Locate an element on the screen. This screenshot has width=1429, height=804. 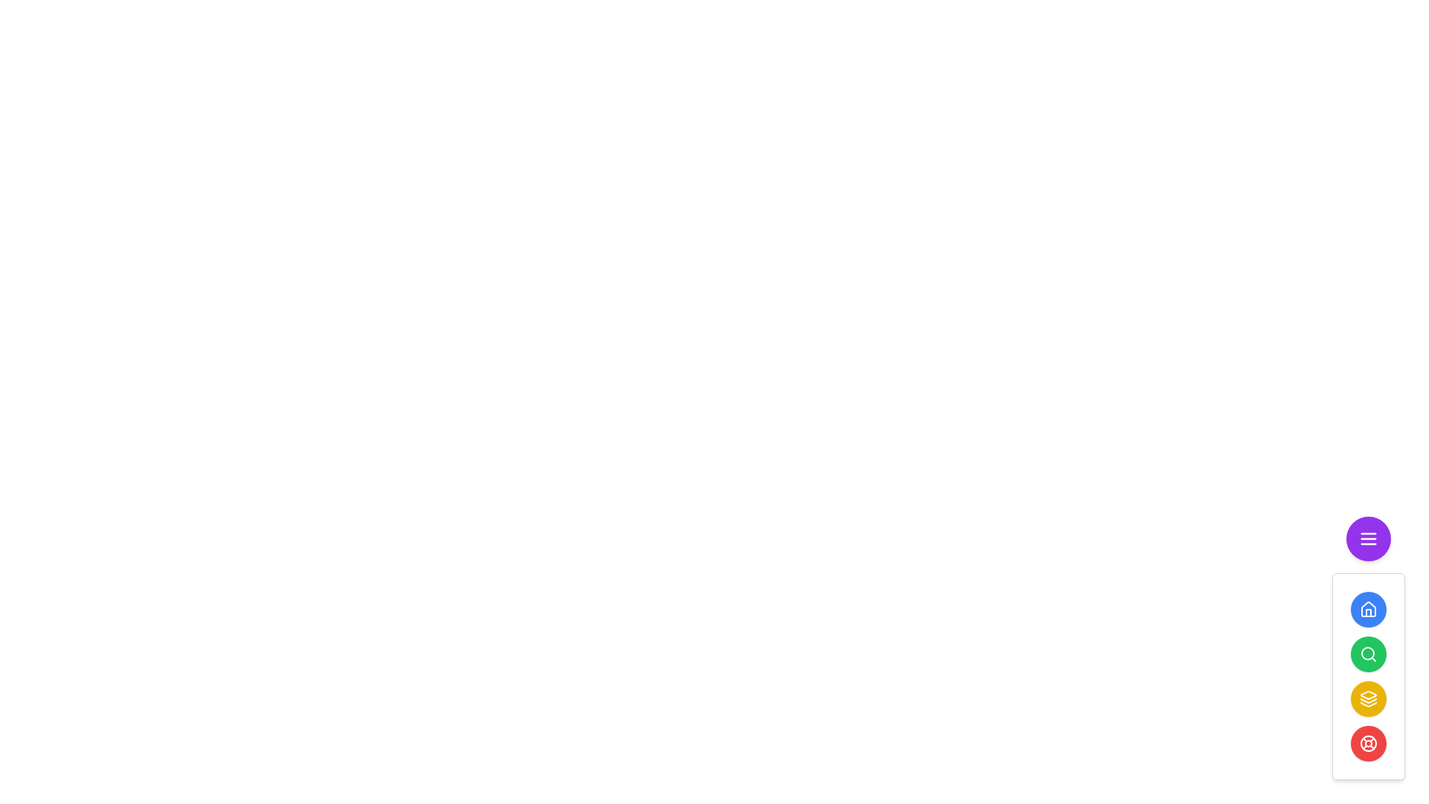
the red circular SVG graphic element within the life buoy design, located at the bottom-right corner of the interface is located at coordinates (1368, 744).